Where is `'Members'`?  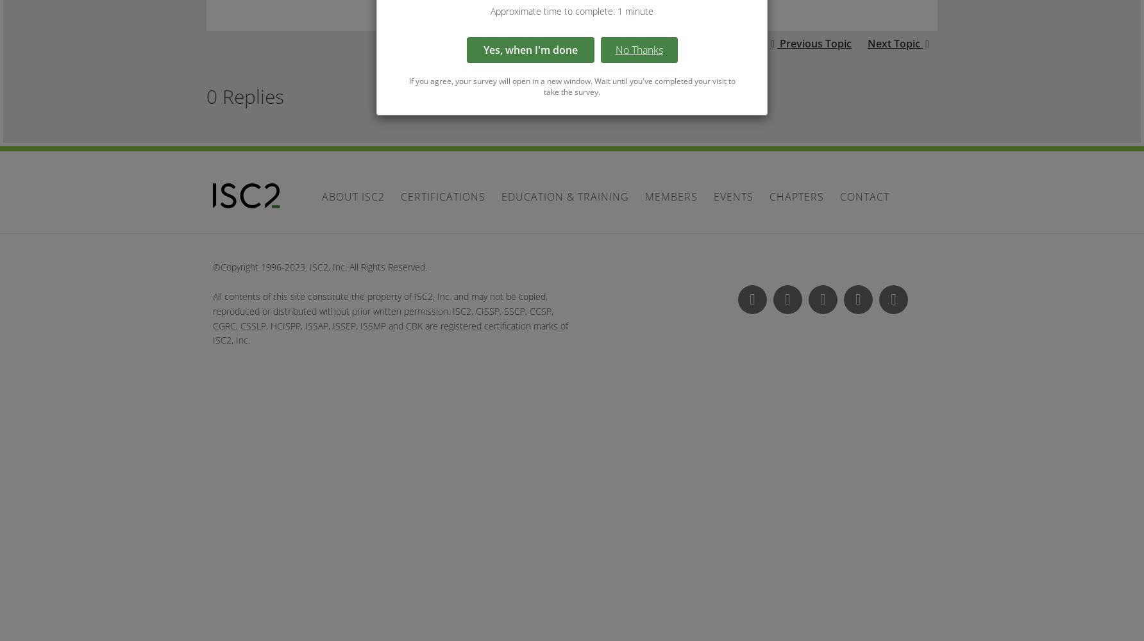 'Members' is located at coordinates (671, 197).